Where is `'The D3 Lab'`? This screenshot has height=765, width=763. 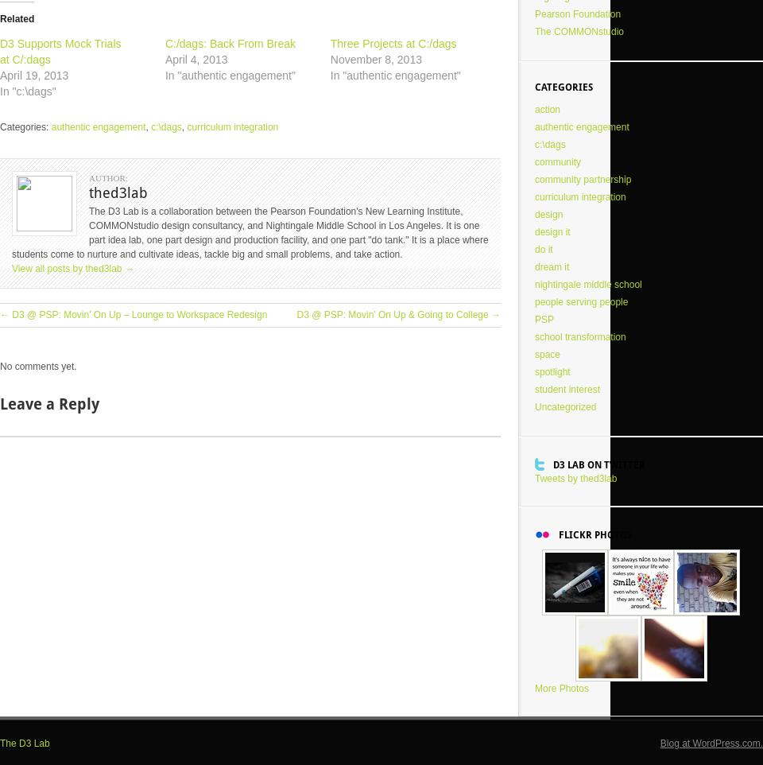
'The D3 Lab' is located at coordinates (24, 743).